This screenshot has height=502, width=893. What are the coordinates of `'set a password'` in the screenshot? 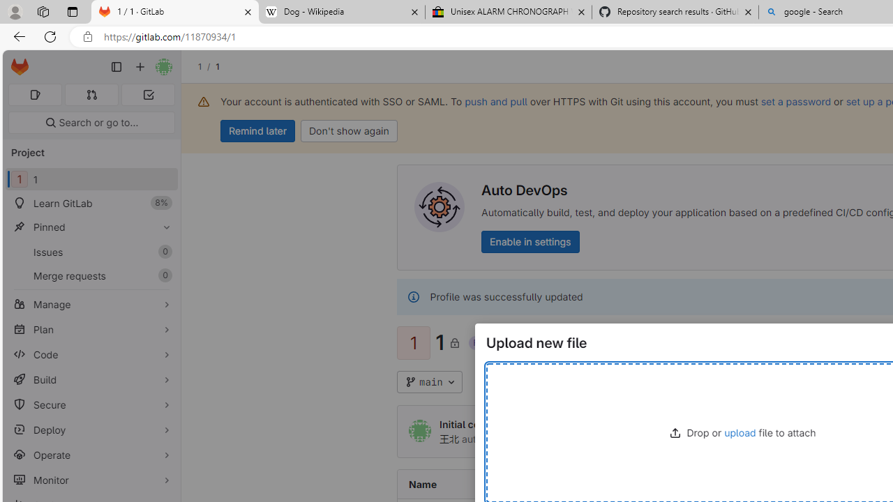 It's located at (796, 100).